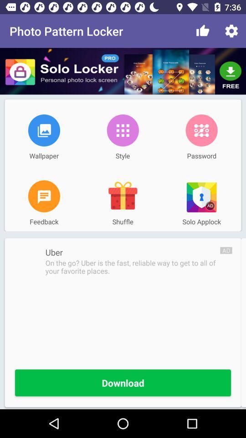 The height and width of the screenshot is (438, 246). Describe the element at coordinates (201, 130) in the screenshot. I see `icon to the right of the style item` at that location.